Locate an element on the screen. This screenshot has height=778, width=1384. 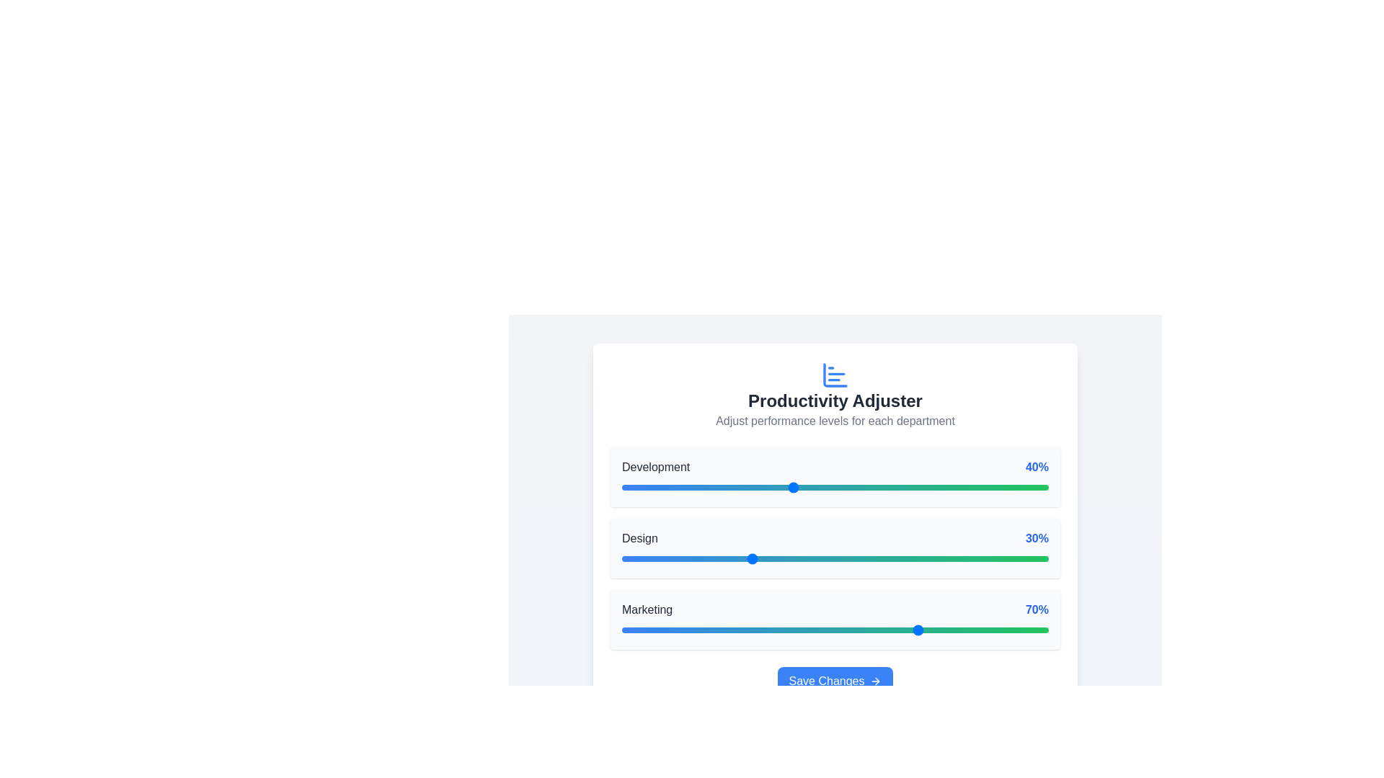
the thumb control of the horizontal slider located below the 'Design 30%' label is located at coordinates (835, 558).